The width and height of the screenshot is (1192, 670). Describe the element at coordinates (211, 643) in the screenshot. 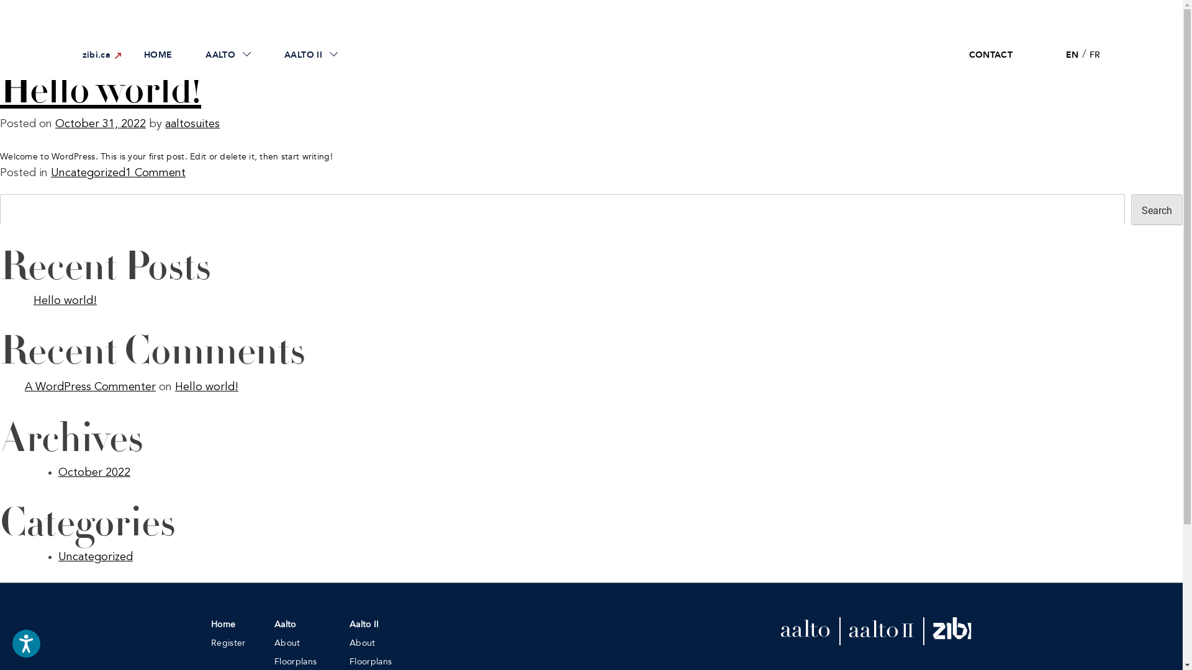

I see `'Register'` at that location.